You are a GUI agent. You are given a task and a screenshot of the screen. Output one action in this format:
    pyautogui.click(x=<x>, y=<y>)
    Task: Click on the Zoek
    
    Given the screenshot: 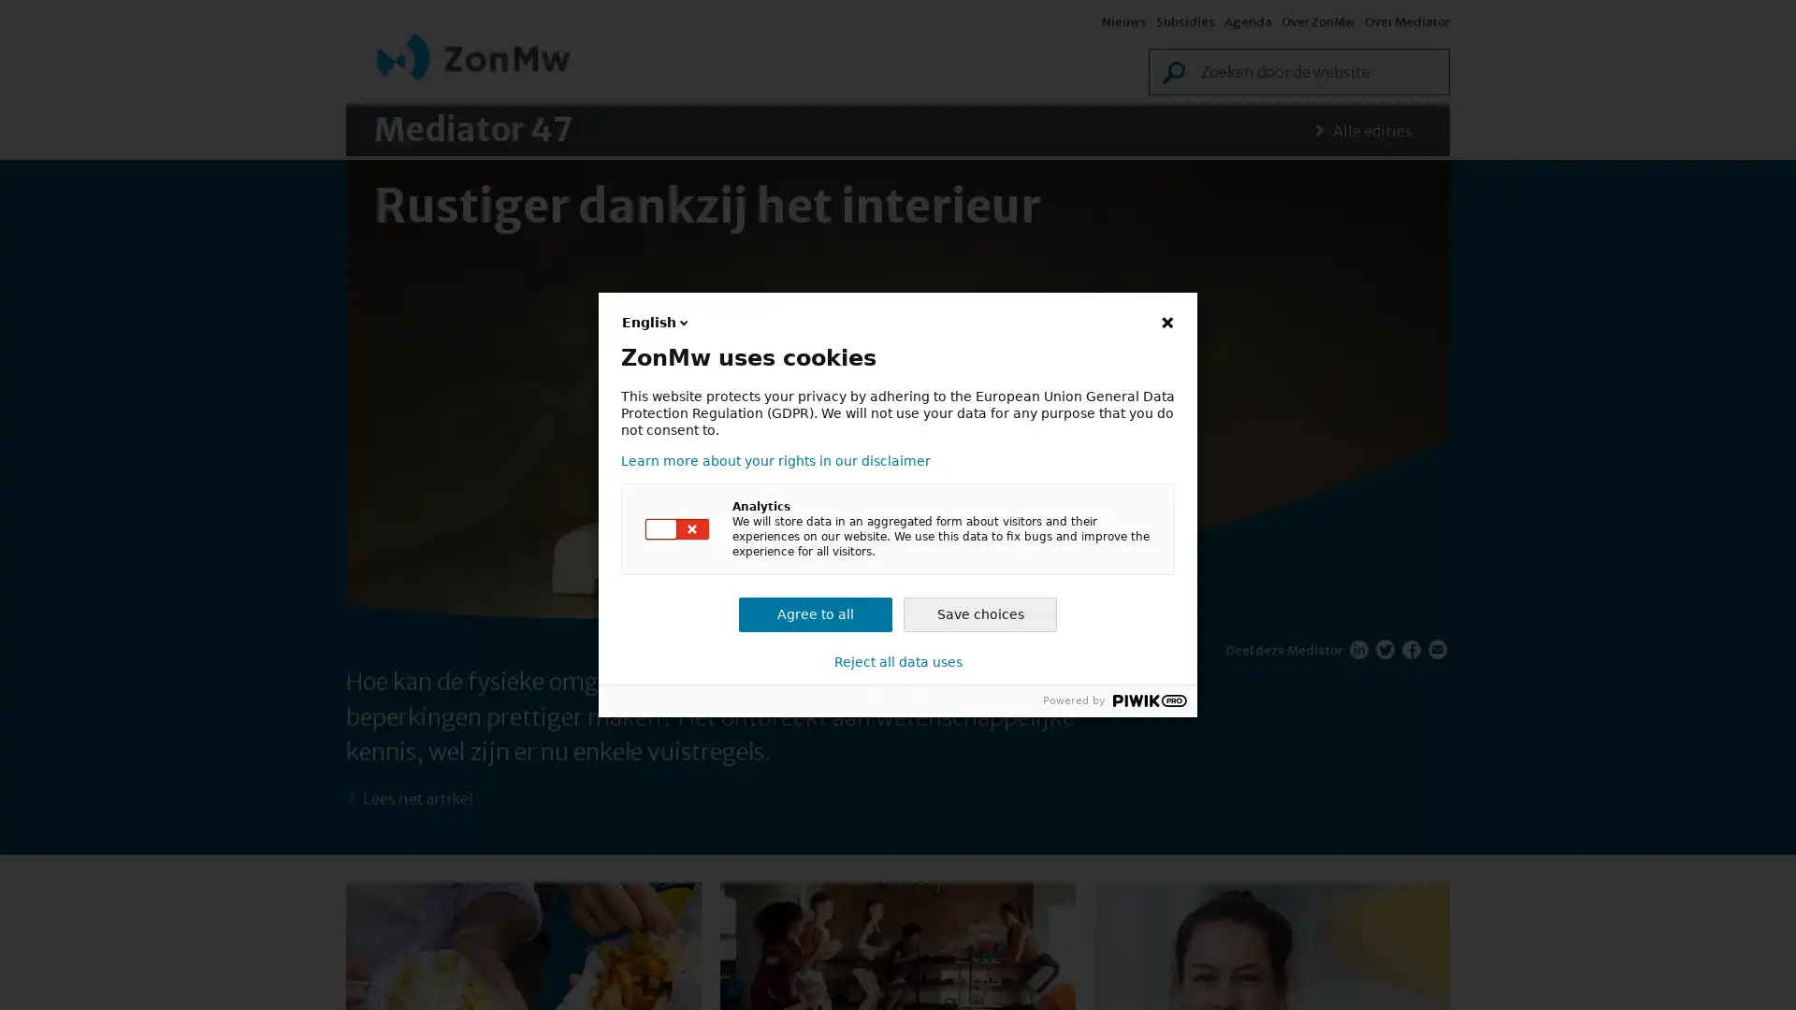 What is the action you would take?
    pyautogui.click(x=1119, y=75)
    